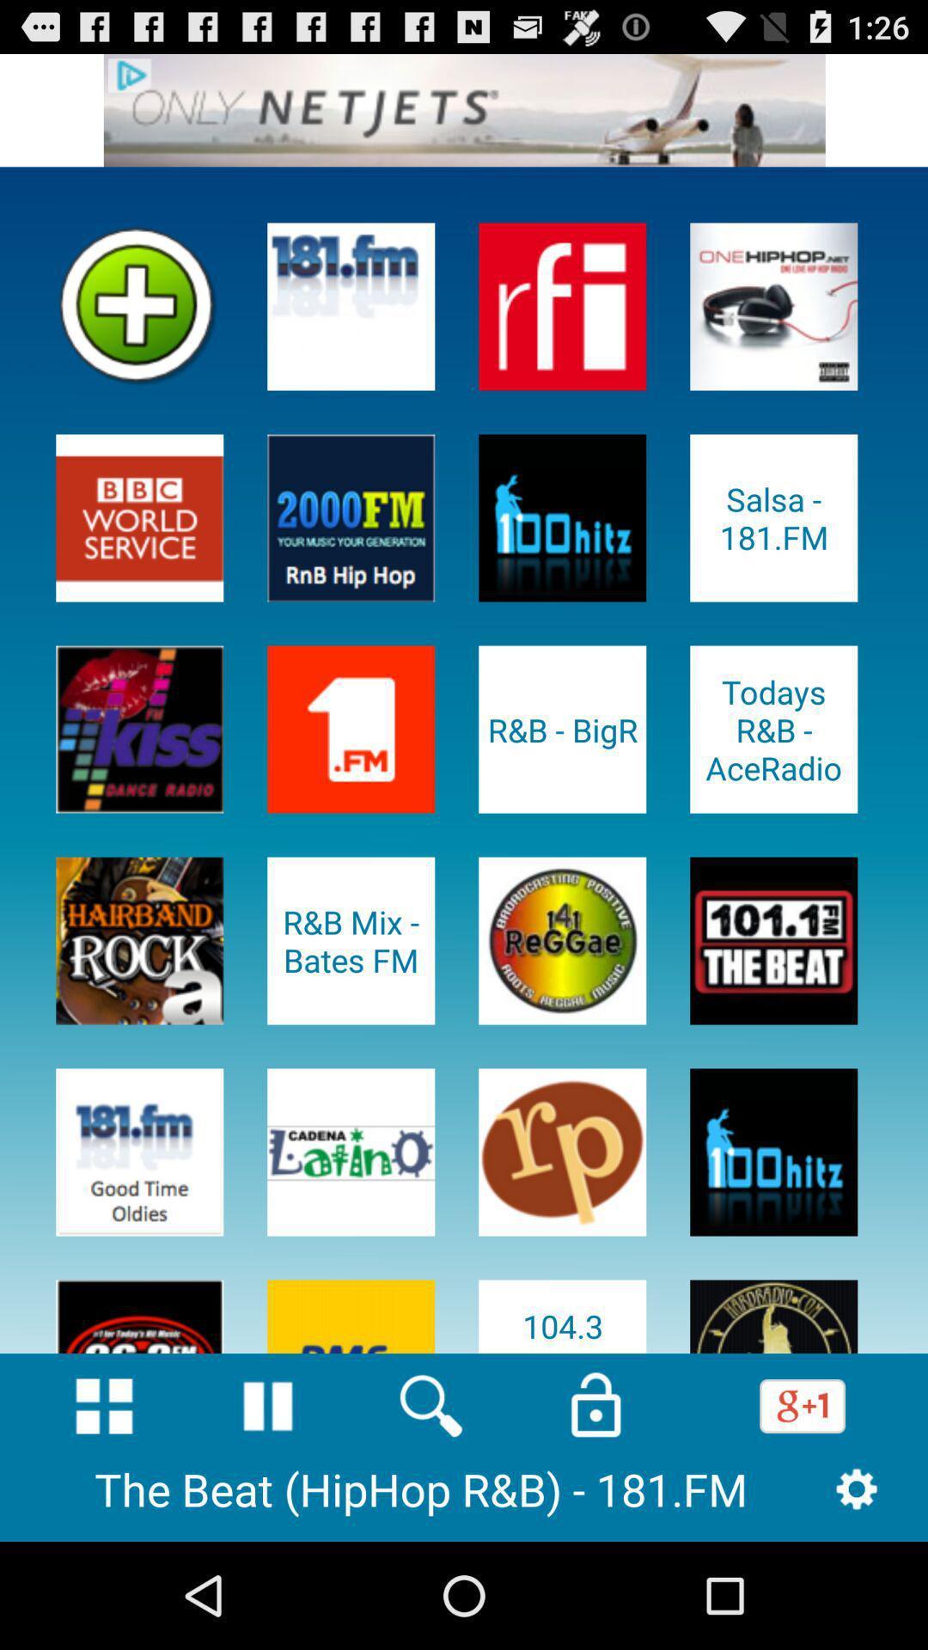 Image resolution: width=928 pixels, height=1650 pixels. Describe the element at coordinates (430, 1406) in the screenshot. I see `search for stations` at that location.